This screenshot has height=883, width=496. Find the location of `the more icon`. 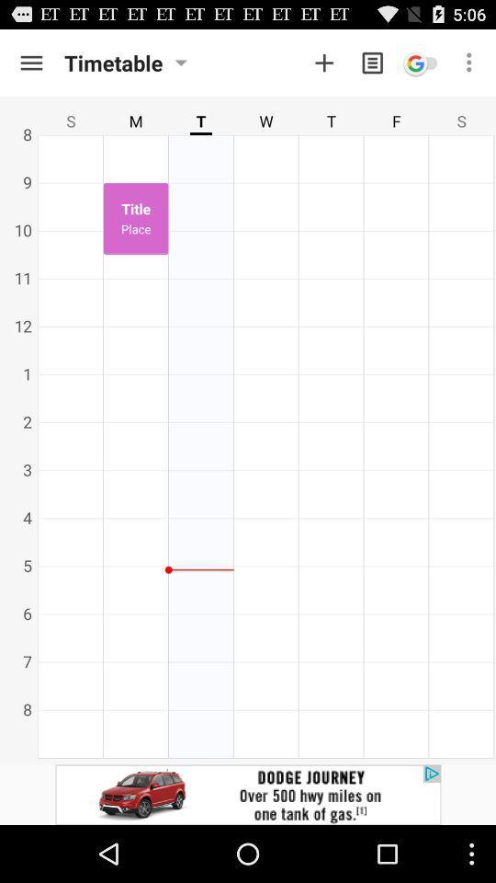

the more icon is located at coordinates (468, 67).